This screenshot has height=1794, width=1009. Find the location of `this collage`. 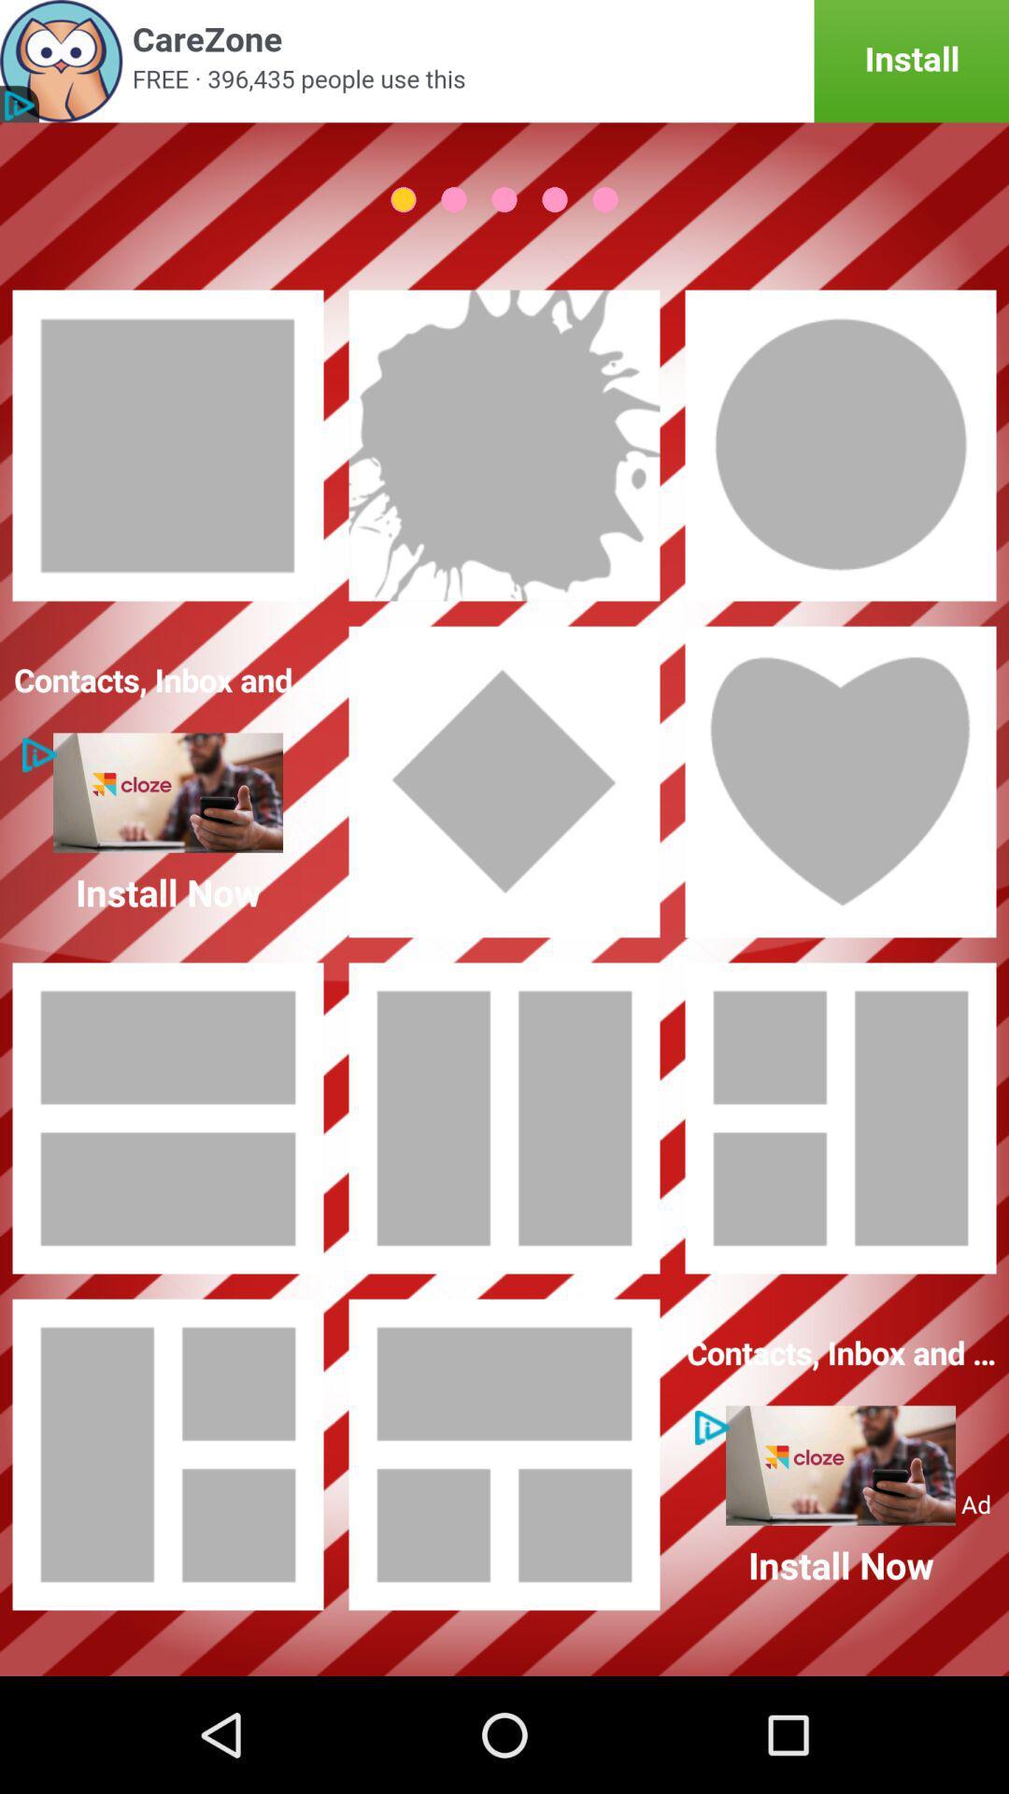

this collage is located at coordinates (504, 1118).